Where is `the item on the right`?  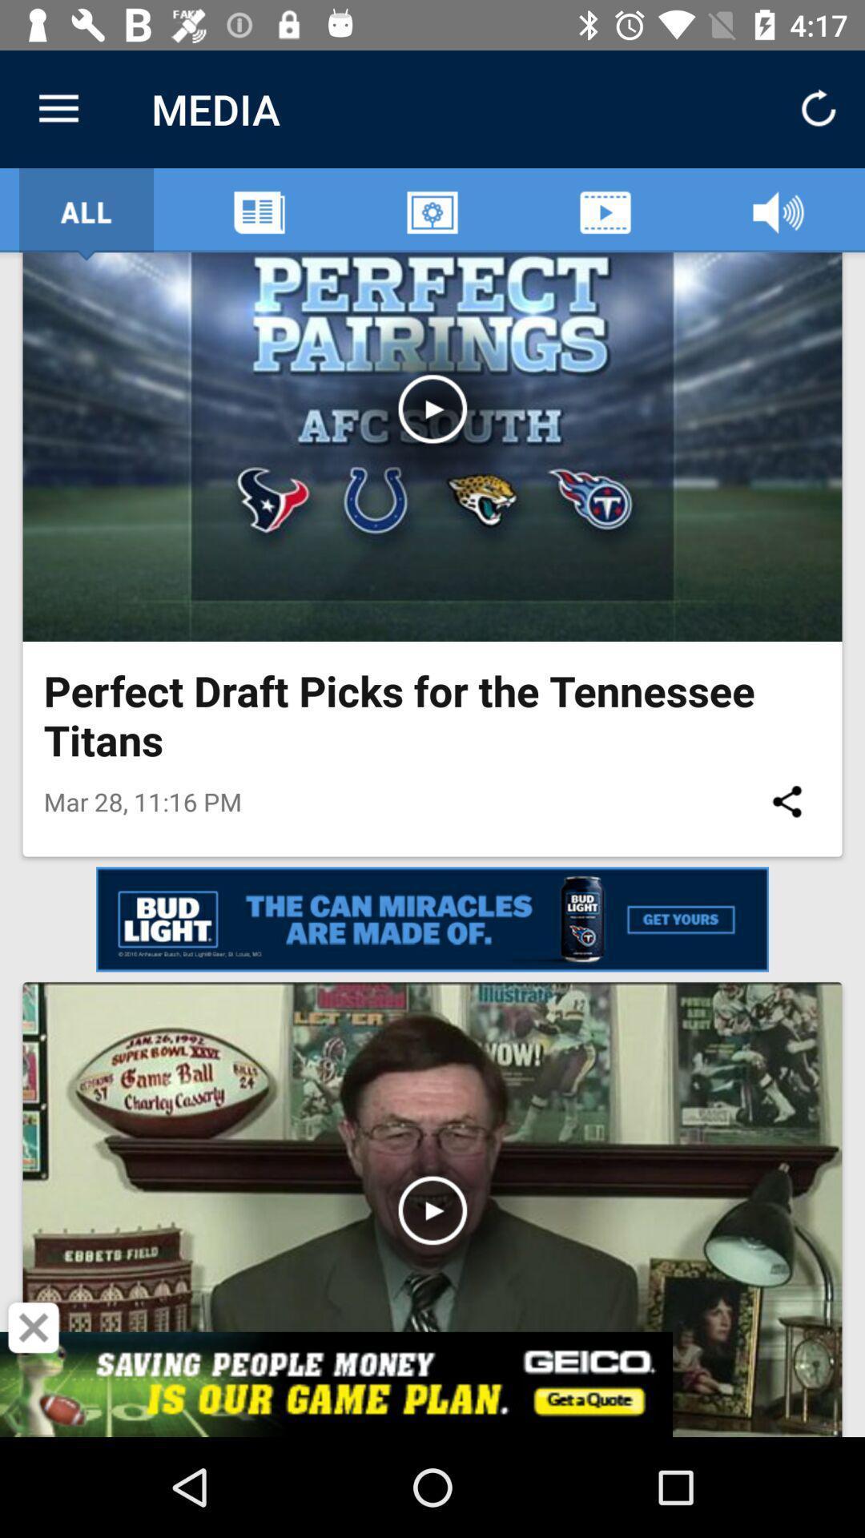 the item on the right is located at coordinates (786, 801).